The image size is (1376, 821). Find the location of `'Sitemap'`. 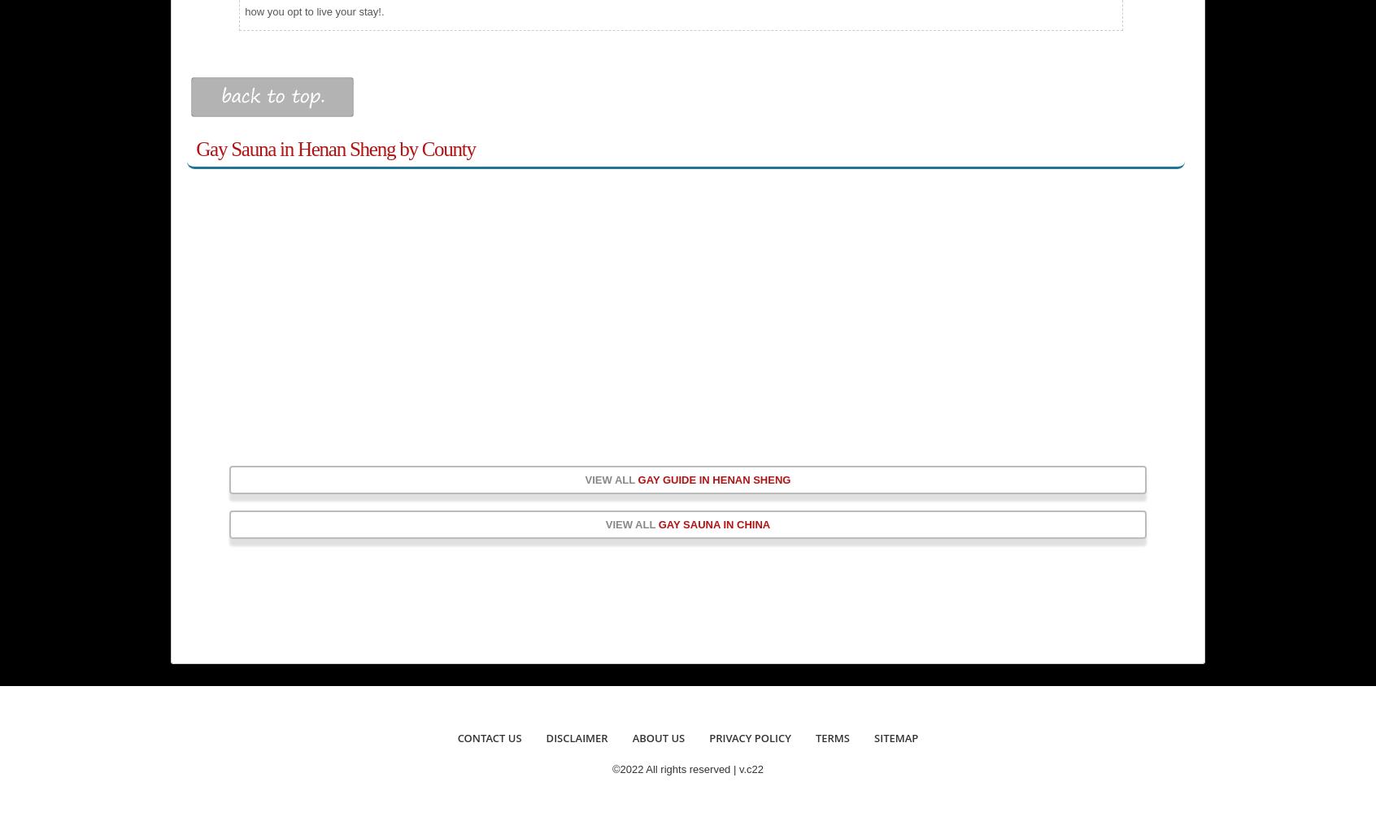

'Sitemap' is located at coordinates (895, 736).